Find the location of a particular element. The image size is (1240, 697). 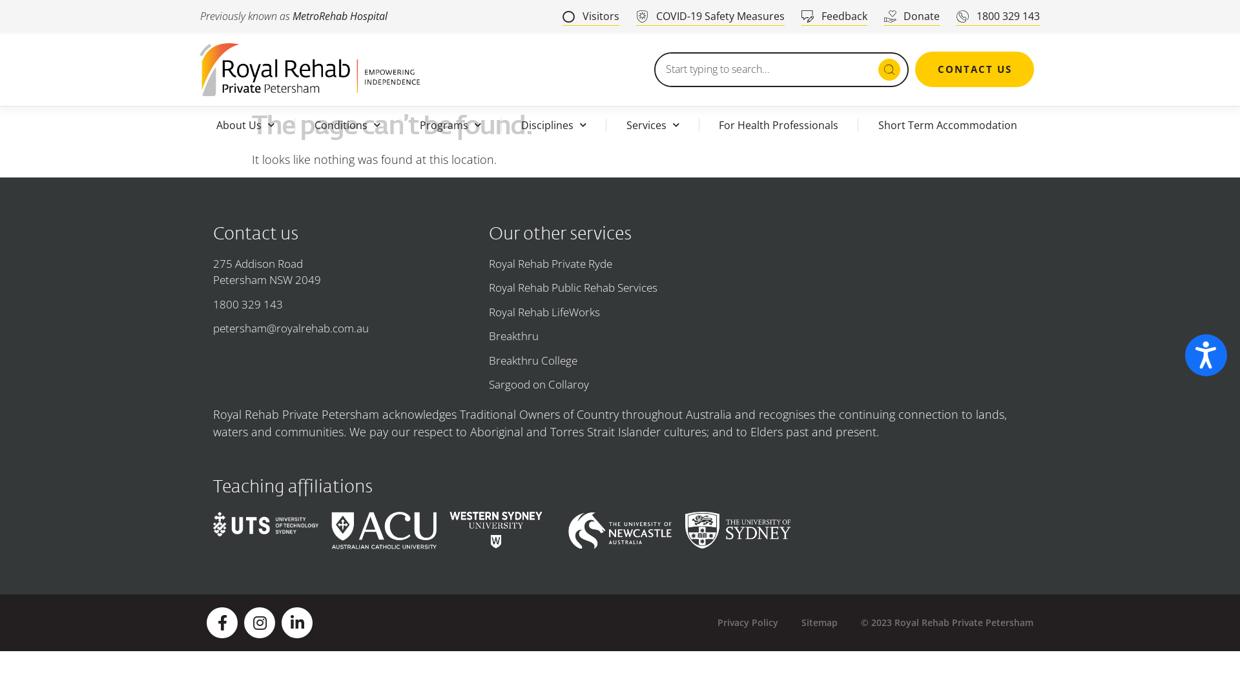

'1800 329 143' is located at coordinates (997, 17).